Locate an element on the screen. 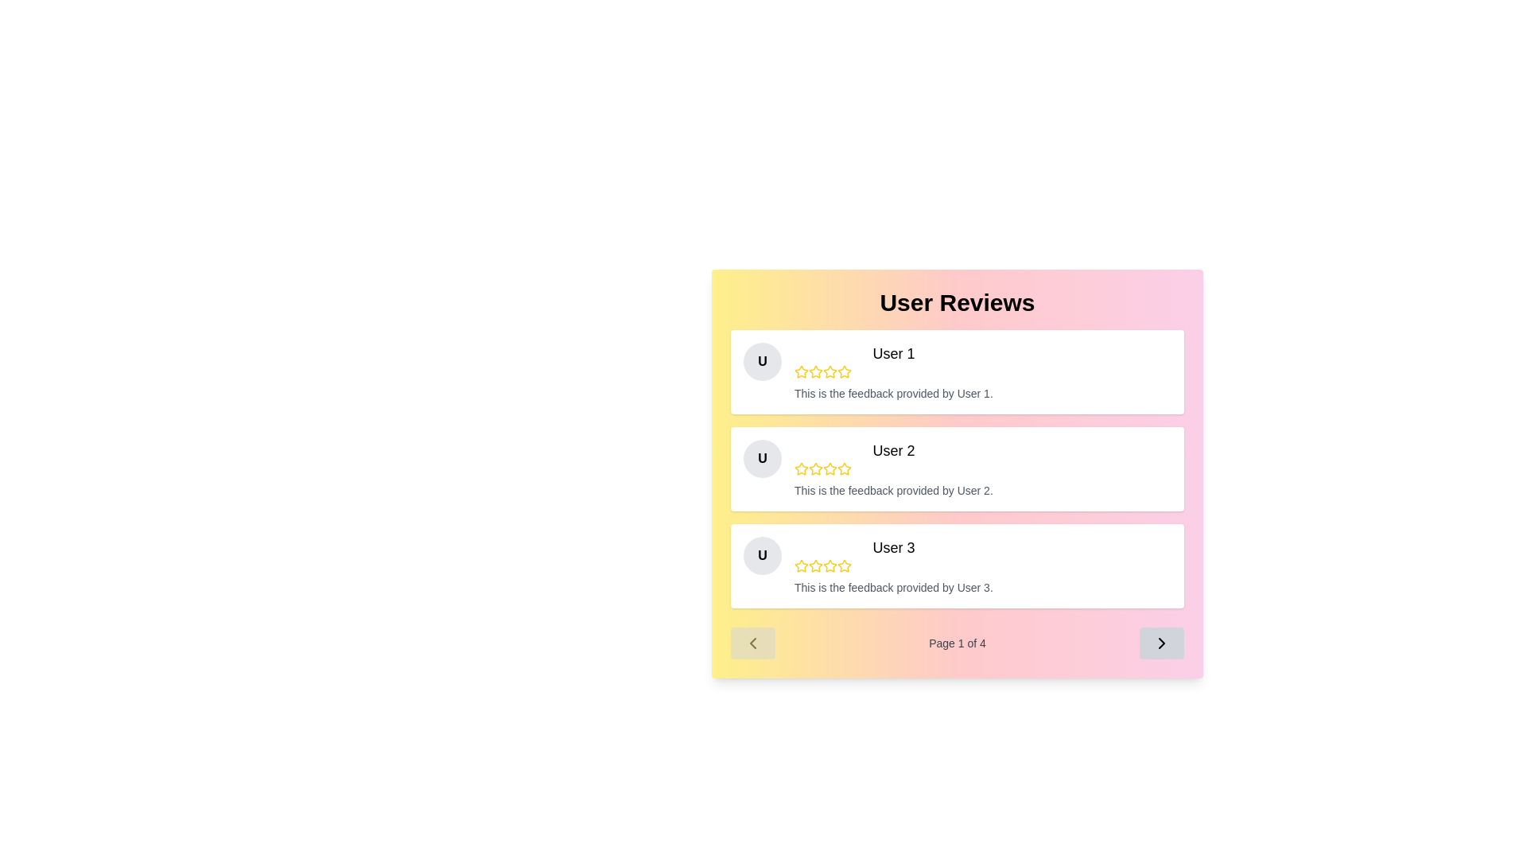  Feedback Card Component that displays user feedback, including their name, avatar, rating, and feedback text, positioned as the third card in a vertical list is located at coordinates (957, 566).